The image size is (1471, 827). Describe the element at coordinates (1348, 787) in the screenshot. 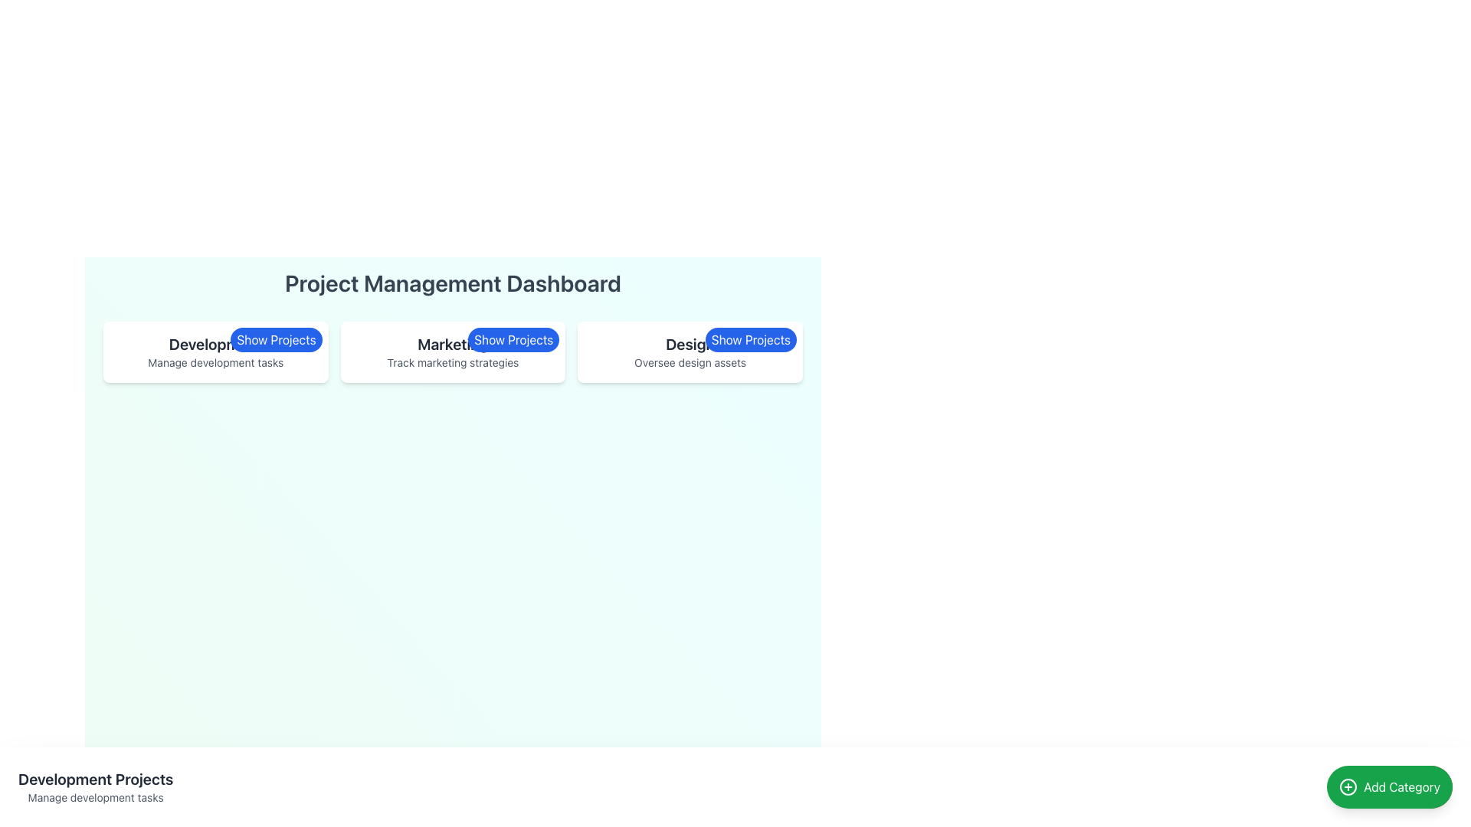

I see `the SVG Circle element located within the green button labeled 'Add Category' at the bottom-right corner of the interface for keyboard navigation` at that location.